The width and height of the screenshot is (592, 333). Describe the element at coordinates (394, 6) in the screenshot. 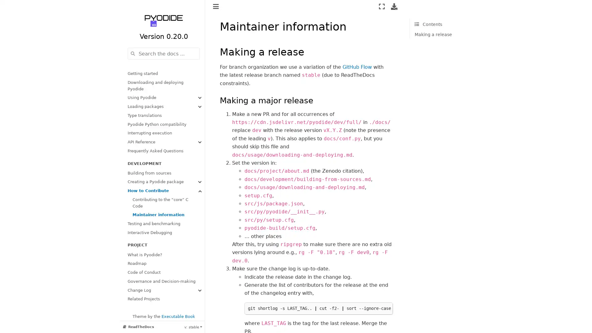

I see `Download this page` at that location.